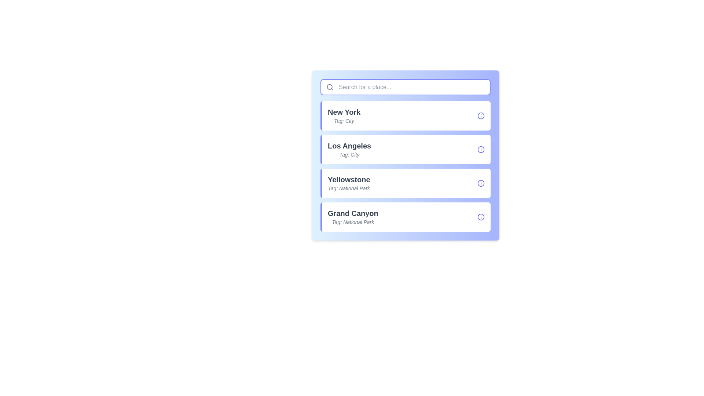 The image size is (704, 396). I want to click on the circular icon/button with a blue border located to the right of the 'New York' row in the vertical list of place names, so click(481, 115).